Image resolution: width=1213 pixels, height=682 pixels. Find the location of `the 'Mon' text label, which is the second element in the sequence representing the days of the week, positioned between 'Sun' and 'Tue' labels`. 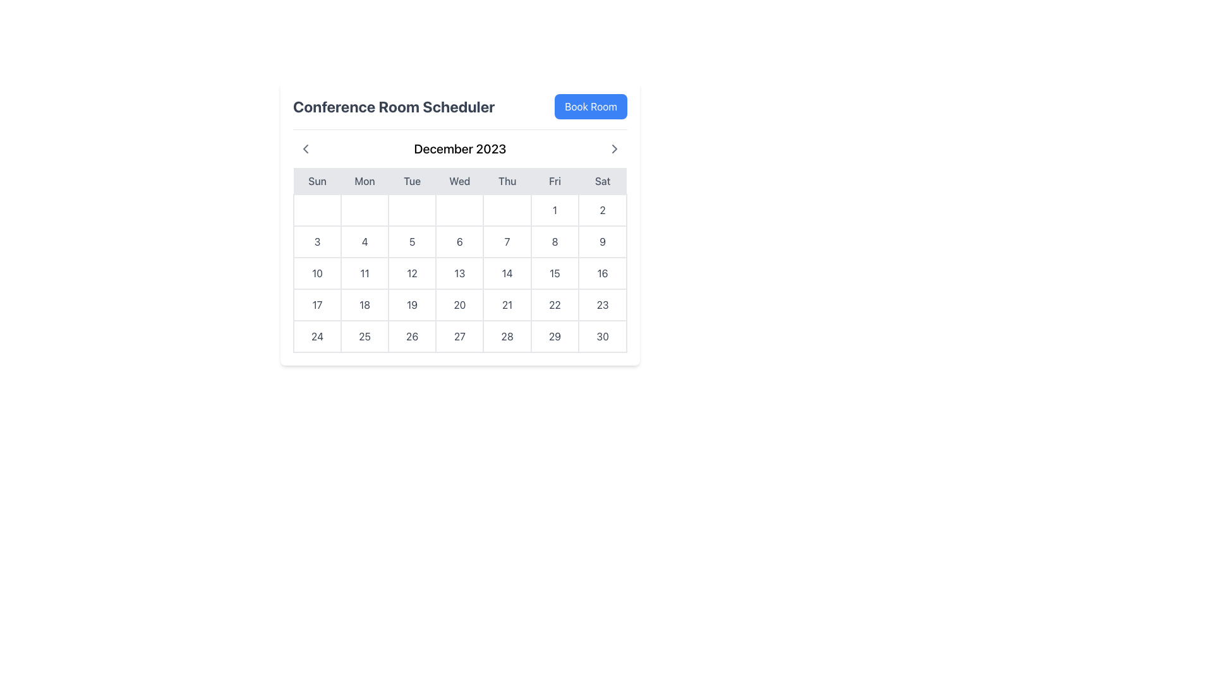

the 'Mon' text label, which is the second element in the sequence representing the days of the week, positioned between 'Sun' and 'Tue' labels is located at coordinates (364, 181).